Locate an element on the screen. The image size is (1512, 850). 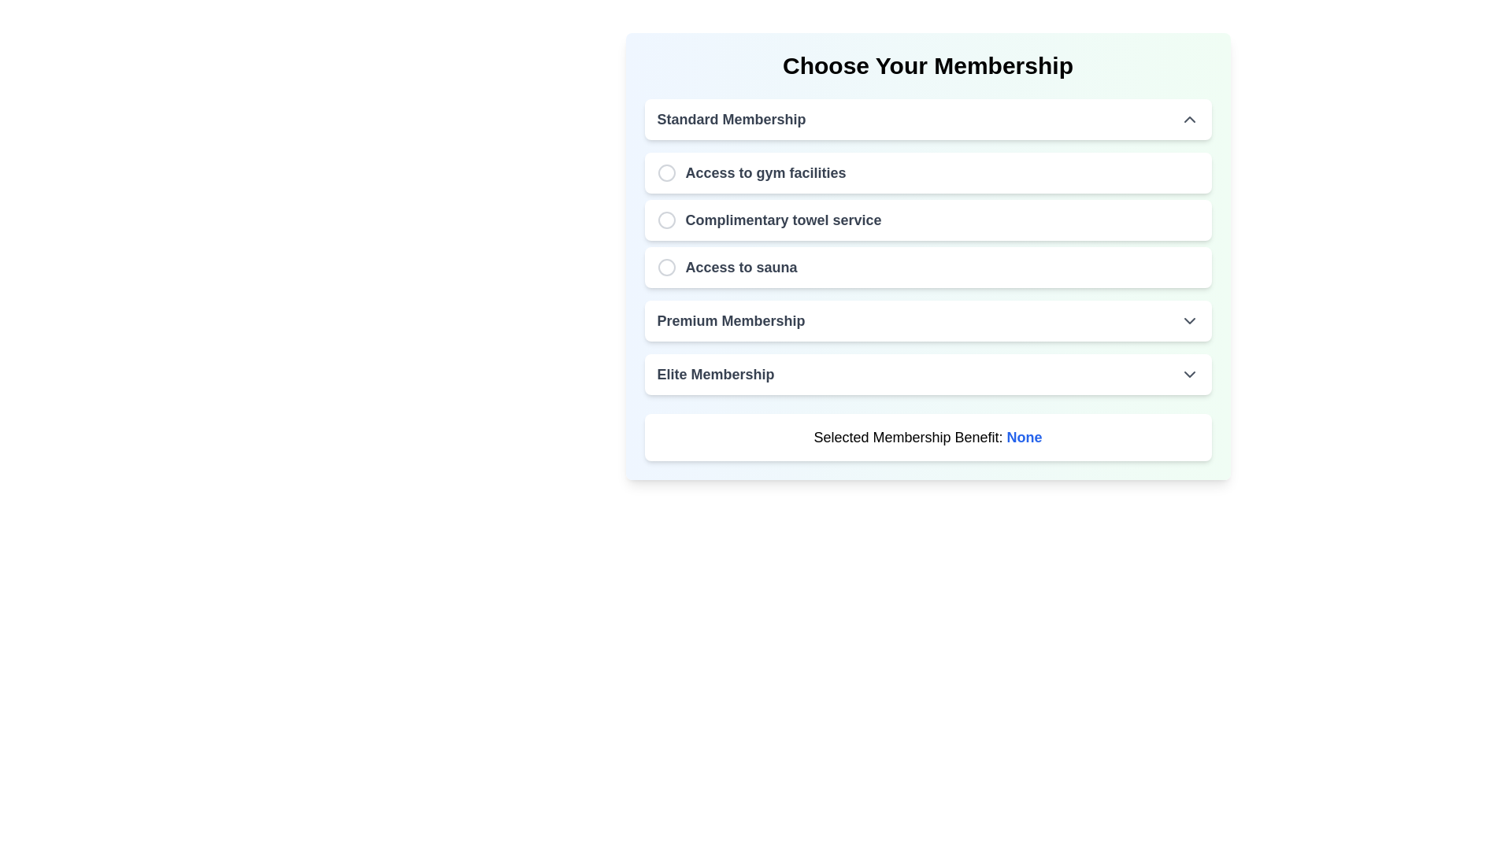
the radio button next to the text 'Complimentary towel service' is located at coordinates (666, 220).